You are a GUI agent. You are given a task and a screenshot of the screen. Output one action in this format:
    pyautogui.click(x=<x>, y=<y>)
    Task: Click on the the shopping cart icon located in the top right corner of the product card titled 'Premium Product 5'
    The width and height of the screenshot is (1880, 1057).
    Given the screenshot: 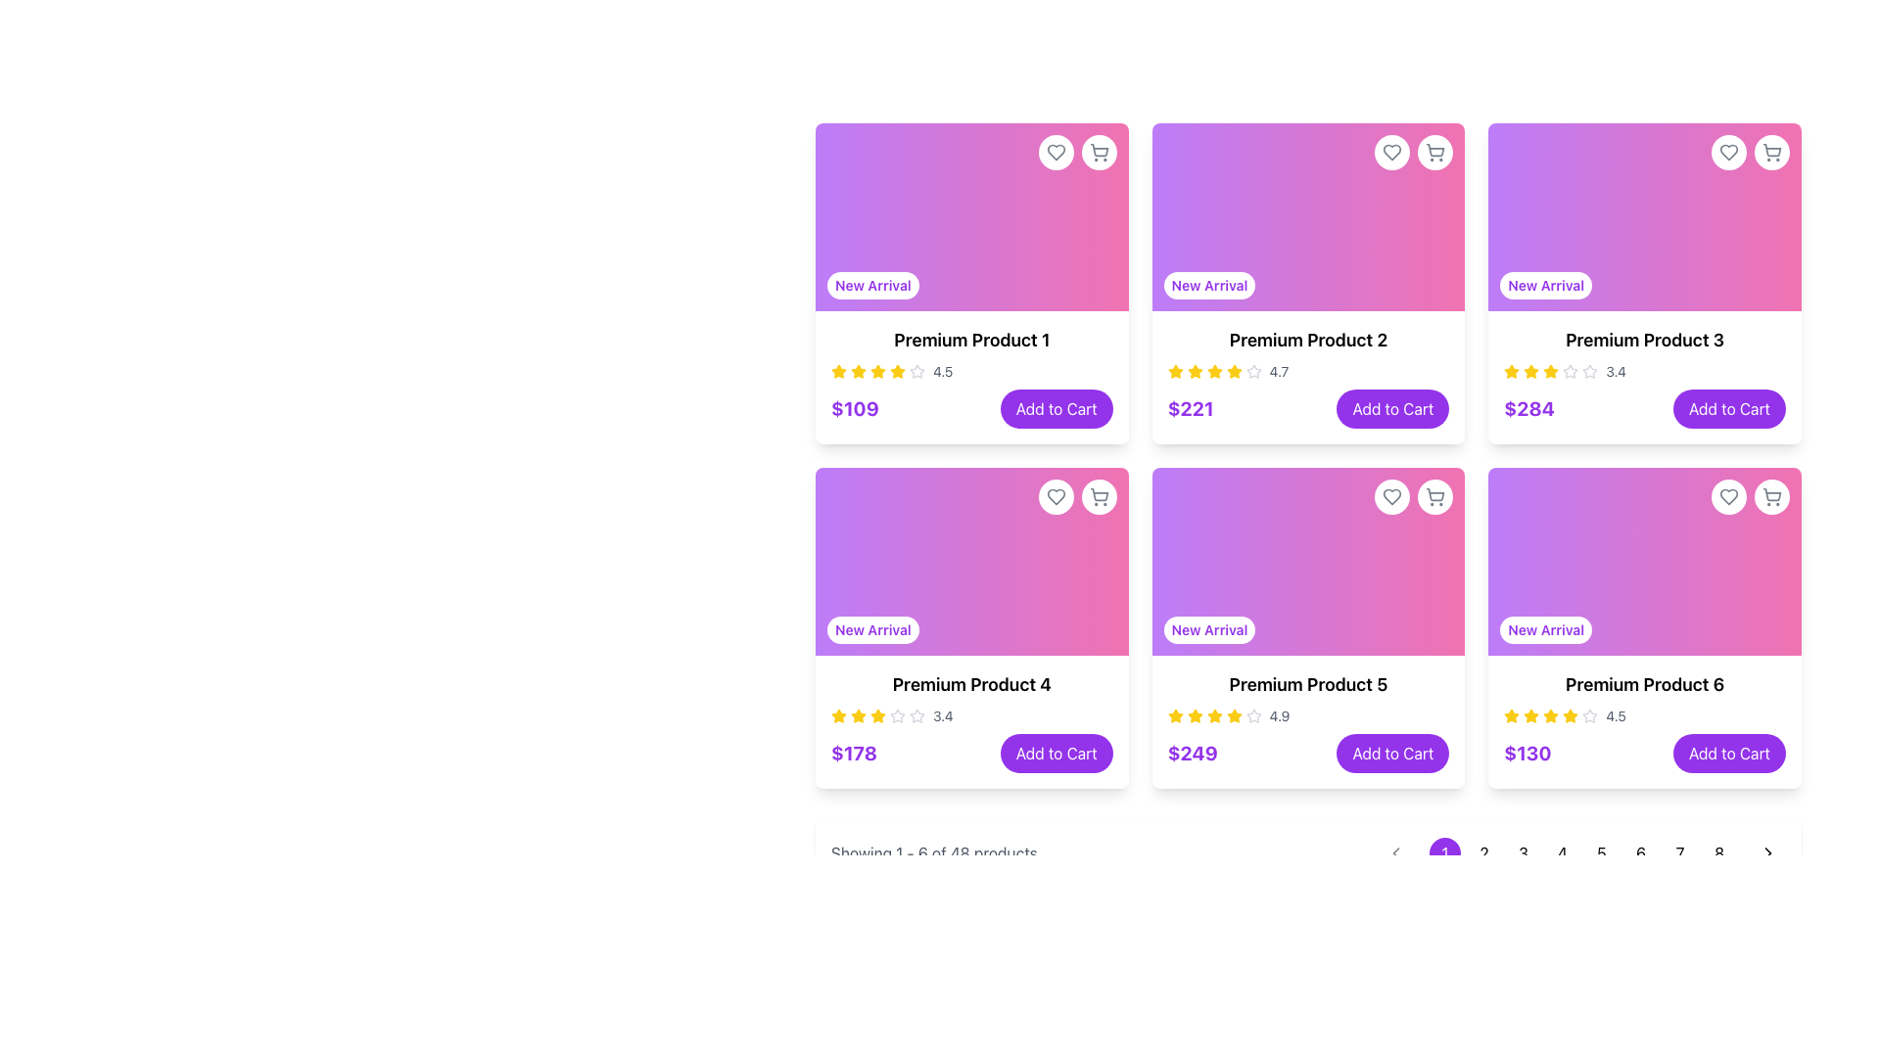 What is the action you would take?
    pyautogui.click(x=1435, y=496)
    